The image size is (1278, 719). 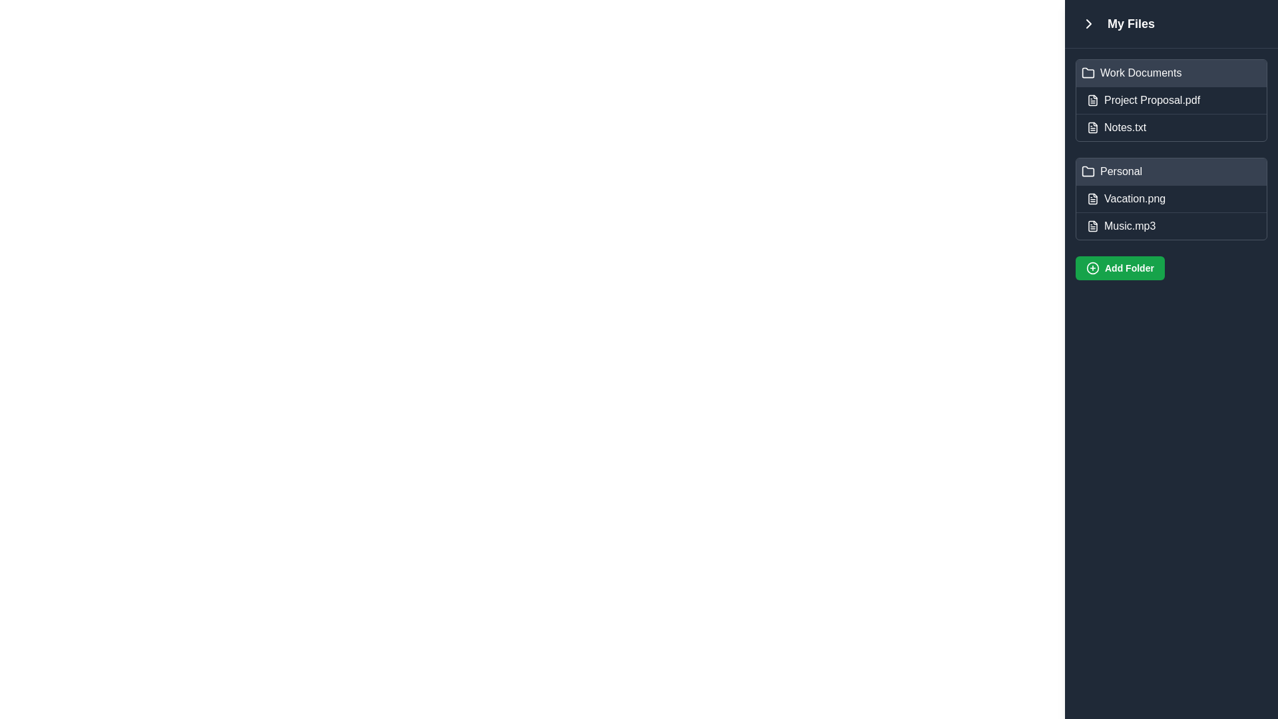 I want to click on the 'Work Documents' label, which is displayed in white font on a dark gray background, so click(x=1140, y=73).